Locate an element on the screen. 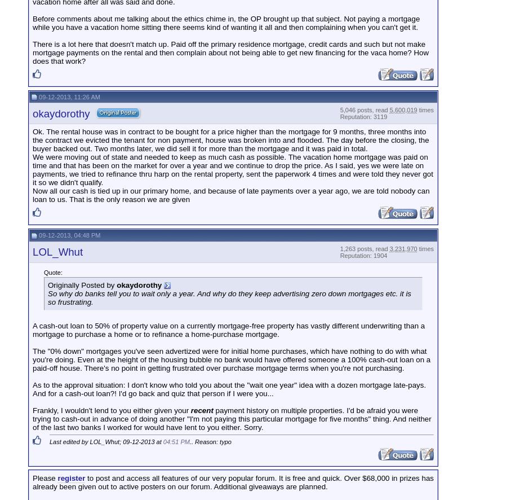 The height and width of the screenshot is (500, 511). 'So why do banks tell you to wait only a year. And why do they keep advertising zero down mortgages etc. it is so frustrating.' is located at coordinates (229, 296).